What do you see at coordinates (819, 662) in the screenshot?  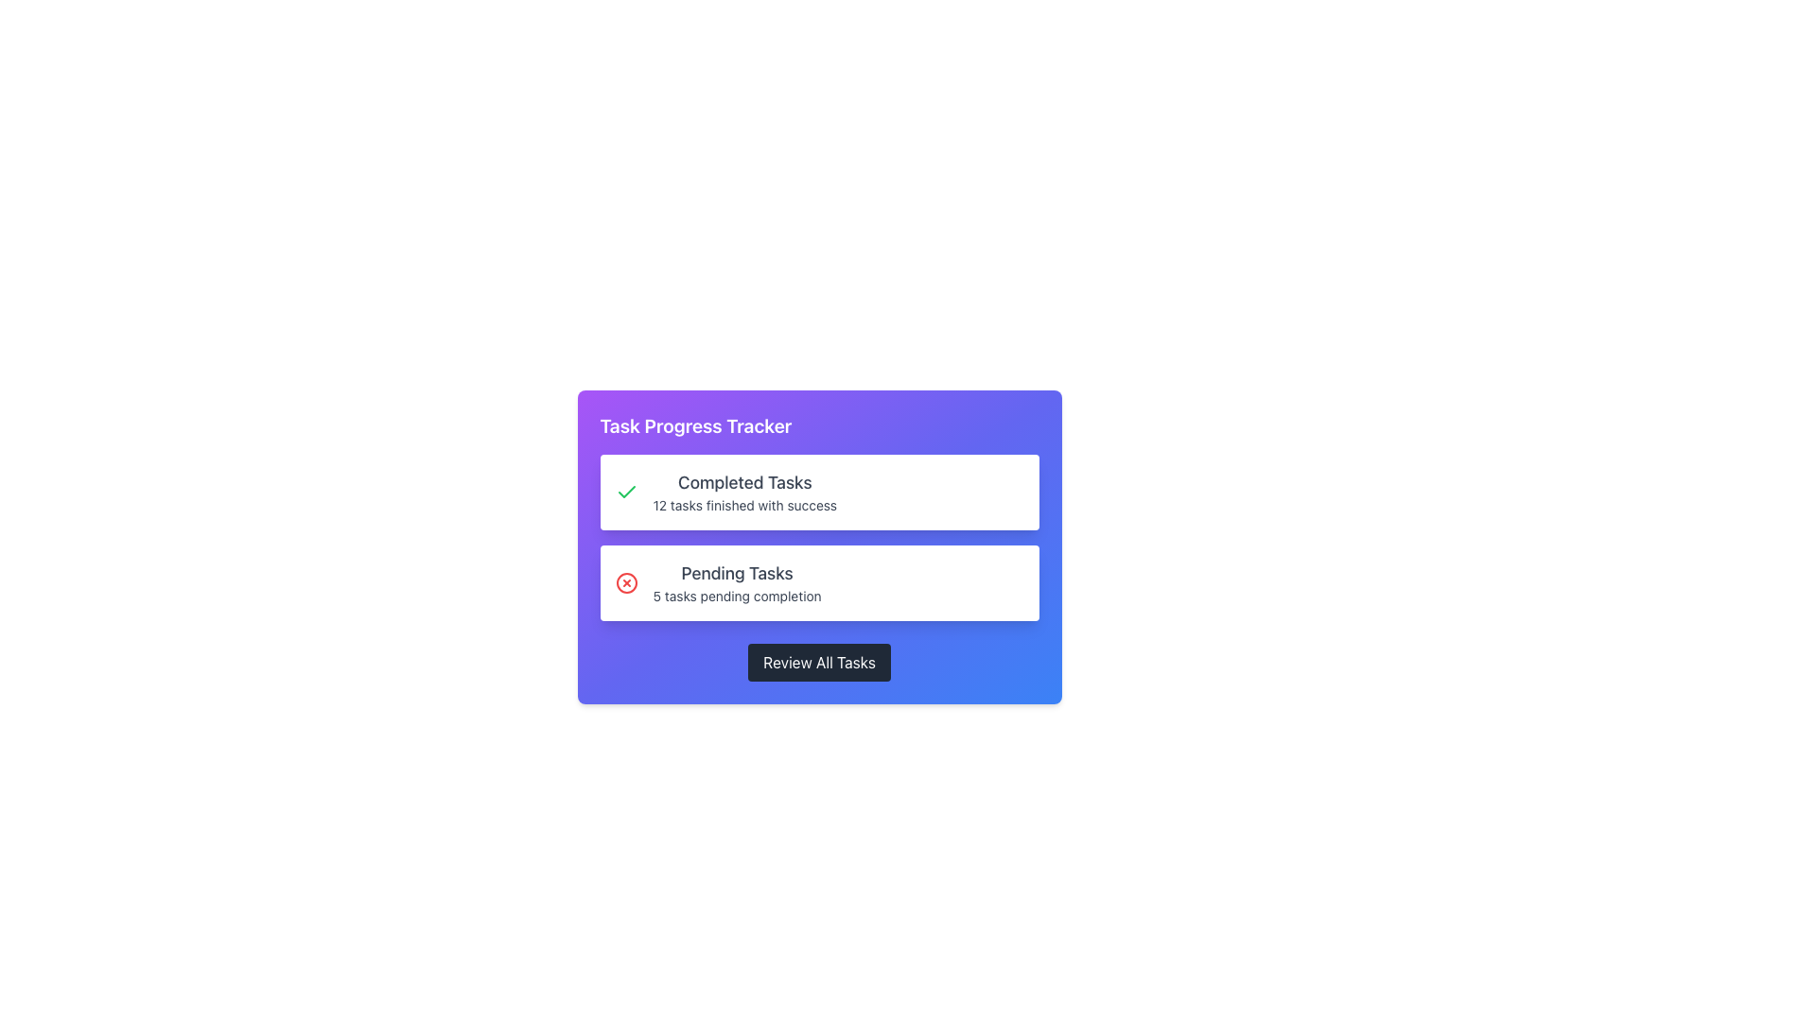 I see `the button that serves as a call-to-action to review tasks, located at the bottom of the 'Task Progress Tracker' panel` at bounding box center [819, 662].